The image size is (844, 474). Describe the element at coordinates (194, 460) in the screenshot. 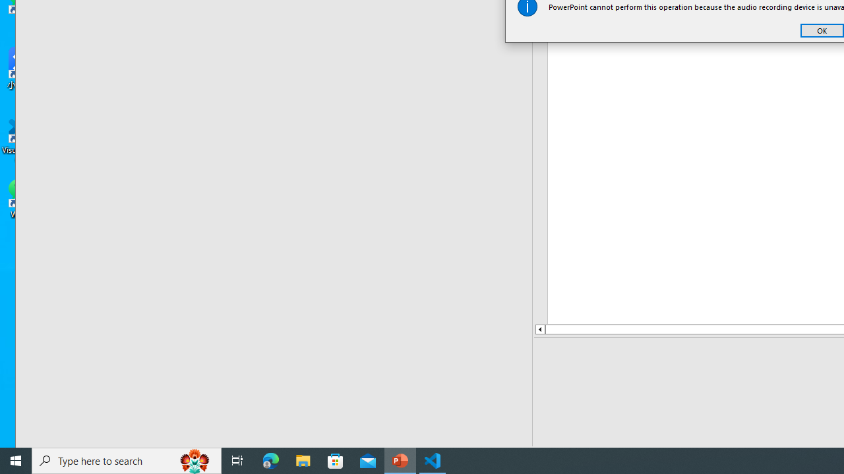

I see `'Search highlights icon opens search home window'` at that location.